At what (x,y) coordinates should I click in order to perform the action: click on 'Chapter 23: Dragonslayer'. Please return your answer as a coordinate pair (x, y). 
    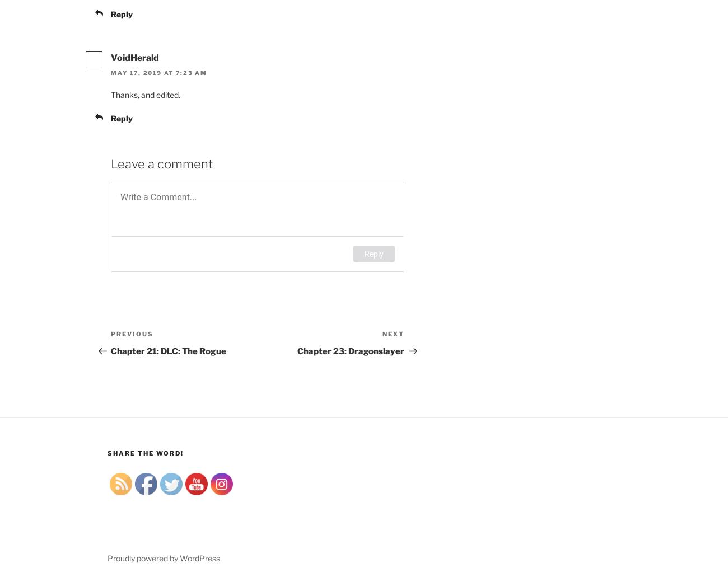
    Looking at the image, I should click on (351, 351).